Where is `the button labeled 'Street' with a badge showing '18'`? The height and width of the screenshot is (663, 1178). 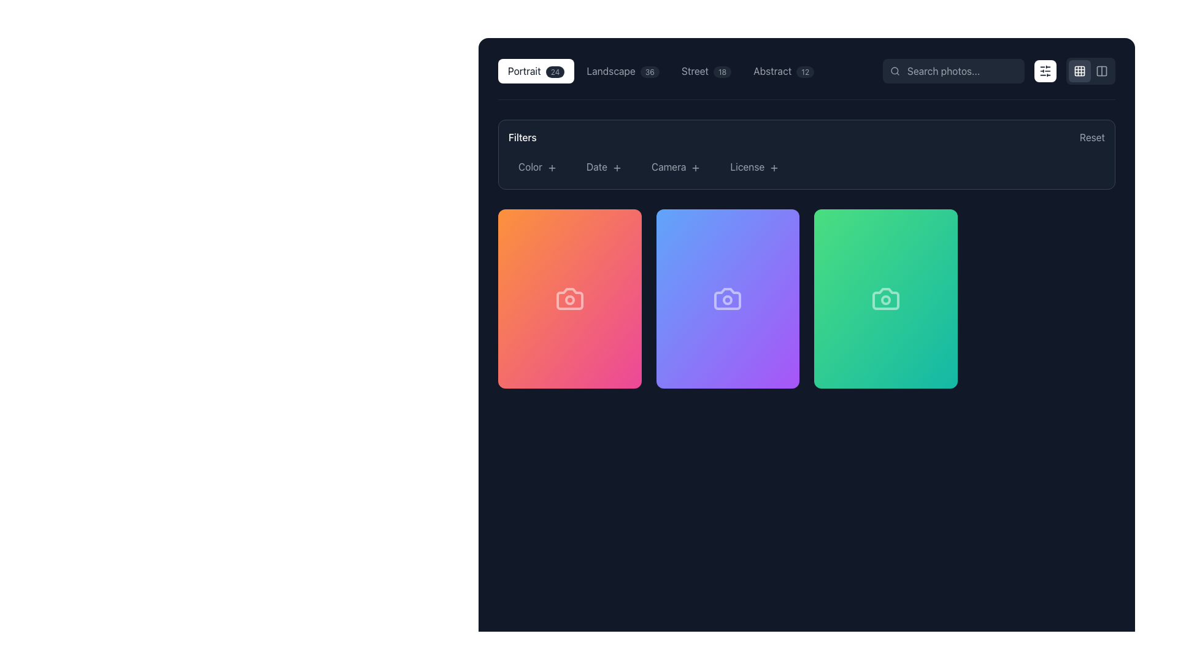
the button labeled 'Street' with a badge showing '18' is located at coordinates (706, 71).